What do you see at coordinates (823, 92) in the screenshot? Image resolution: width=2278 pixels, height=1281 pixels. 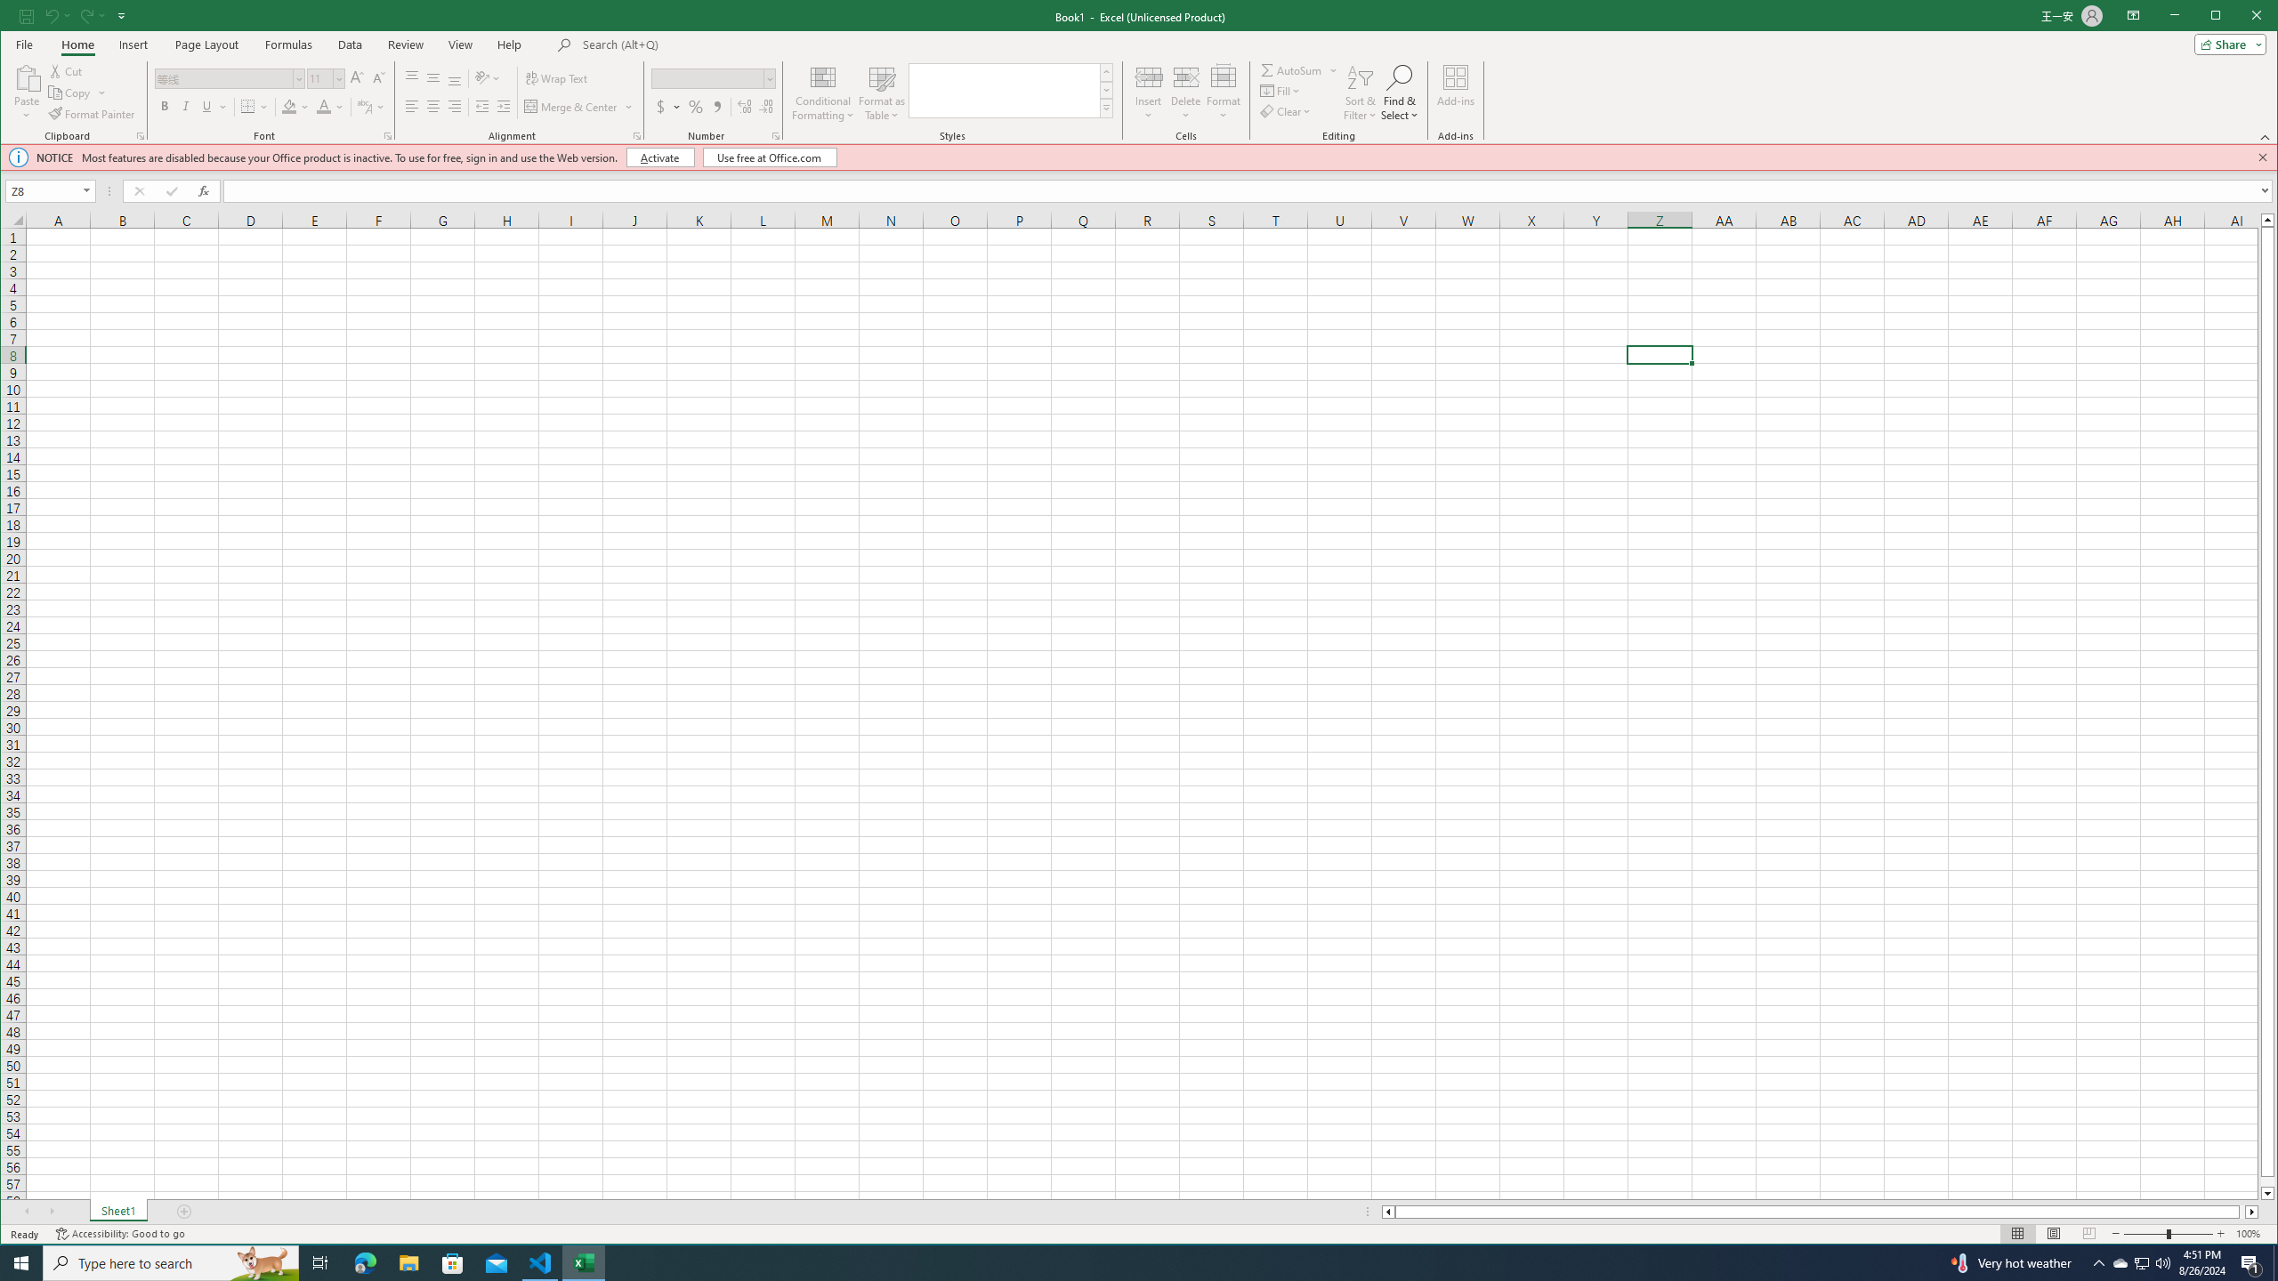 I see `'Conditional Formatting'` at bounding box center [823, 92].